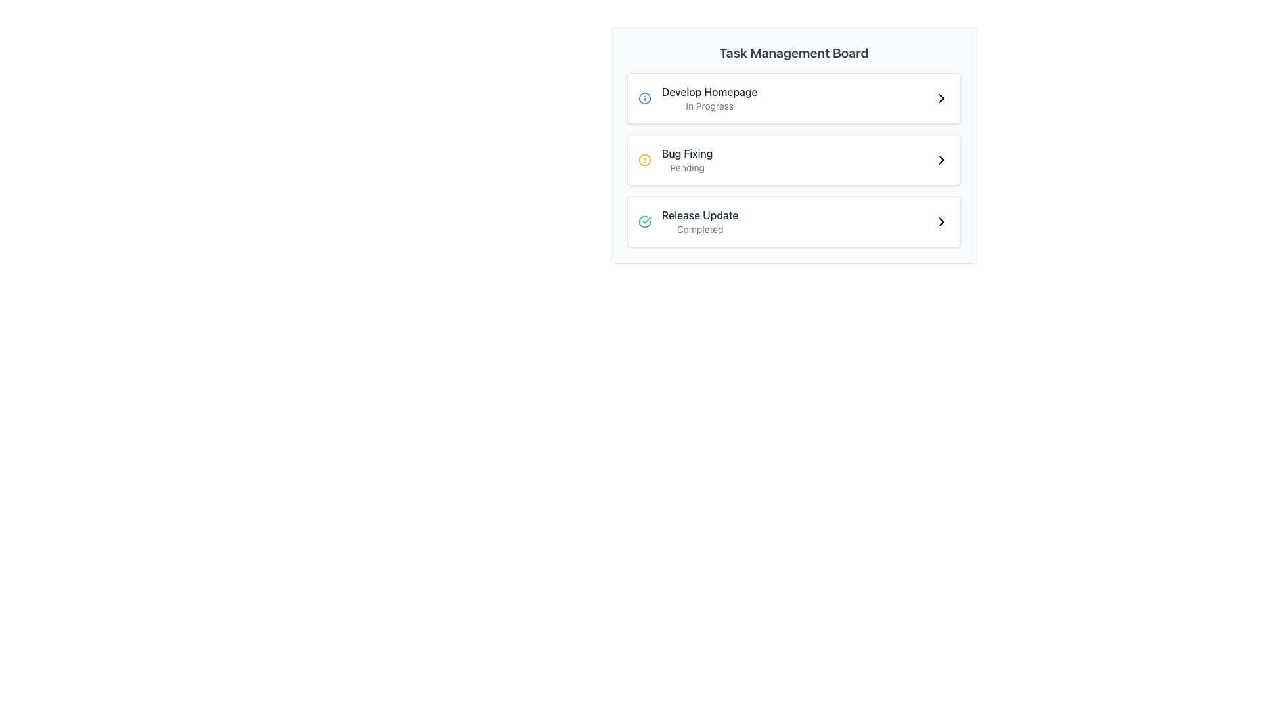 This screenshot has height=709, width=1261. I want to click on the text block that contains 'Release Update' in bold and 'Completed' in smaller font, located in the third task card under 'Task Management Board', below 'Bug Fixing', so click(699, 221).